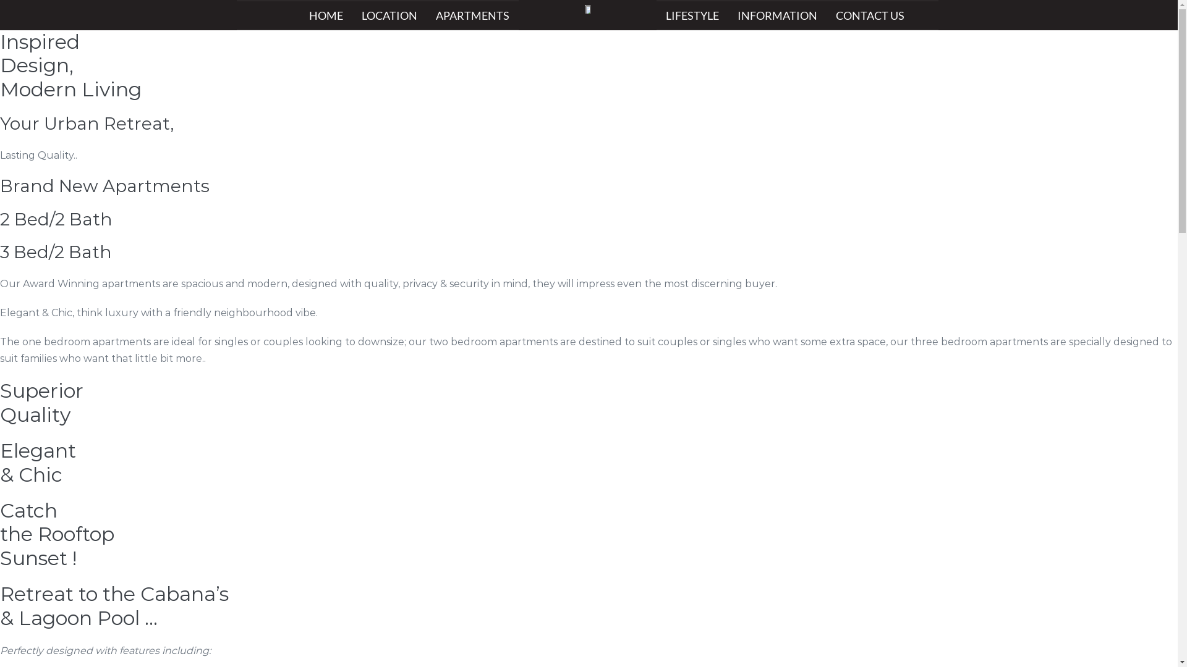 This screenshot has width=1187, height=667. Describe the element at coordinates (325, 15) in the screenshot. I see `'HOME'` at that location.